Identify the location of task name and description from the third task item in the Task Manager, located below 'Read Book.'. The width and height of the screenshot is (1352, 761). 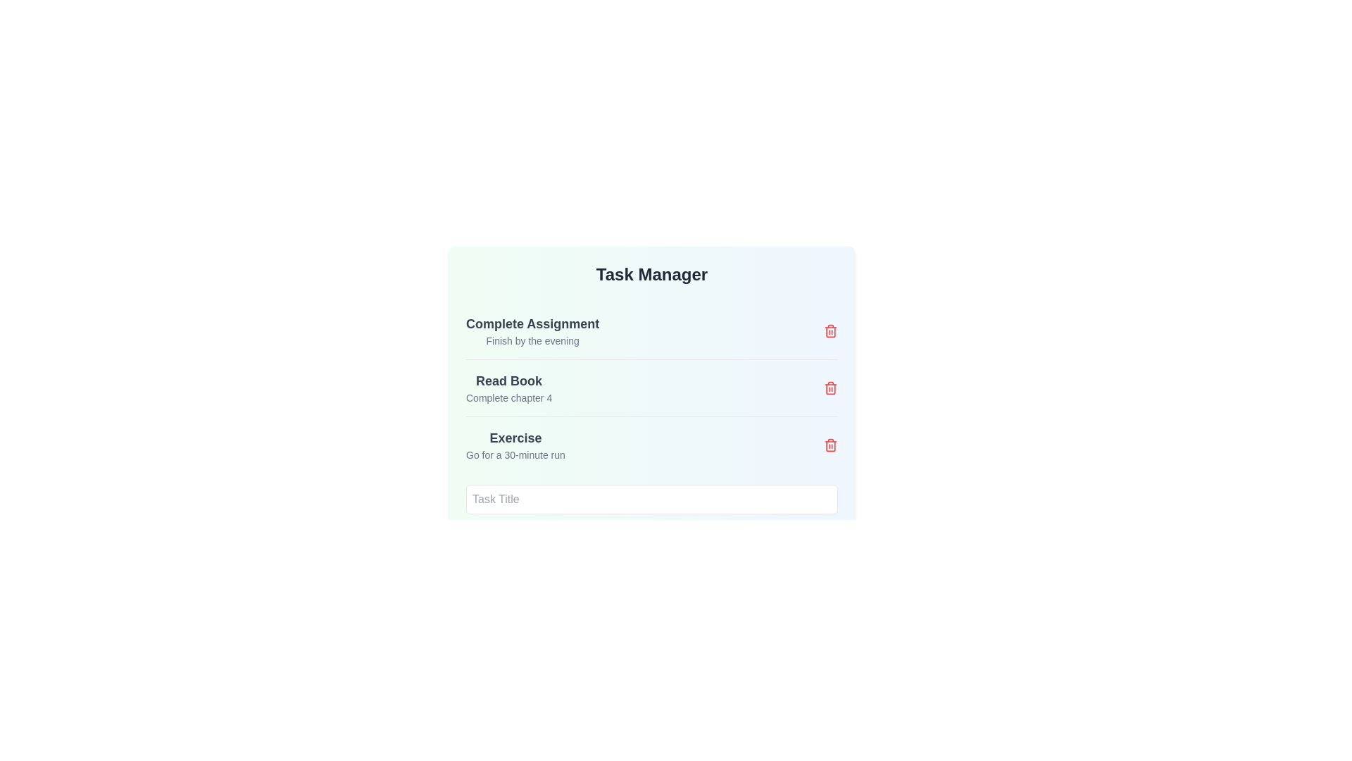
(651, 428).